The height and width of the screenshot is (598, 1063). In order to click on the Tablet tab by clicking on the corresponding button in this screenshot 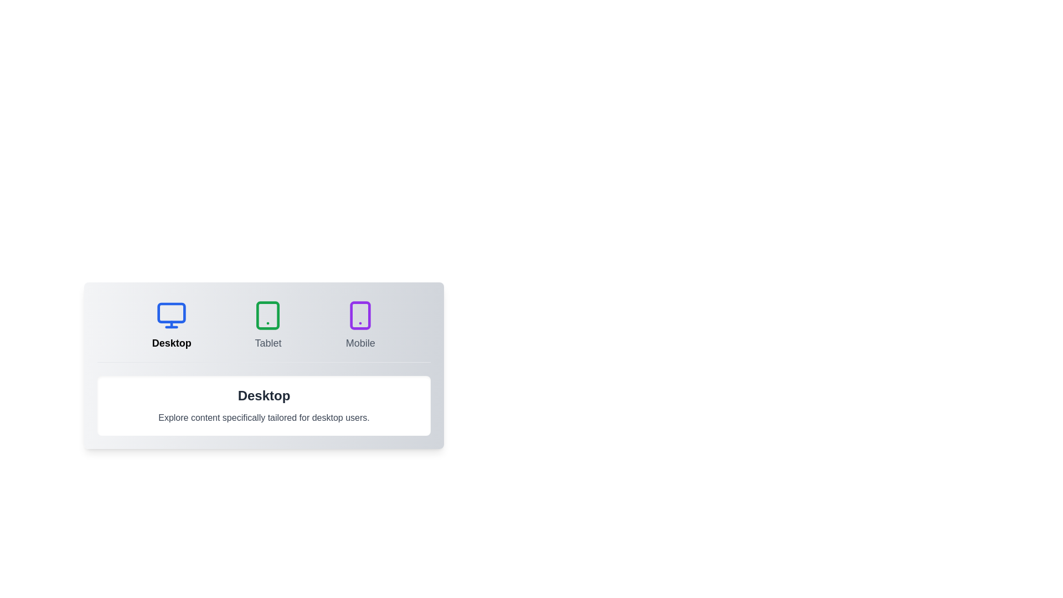, I will do `click(268, 324)`.